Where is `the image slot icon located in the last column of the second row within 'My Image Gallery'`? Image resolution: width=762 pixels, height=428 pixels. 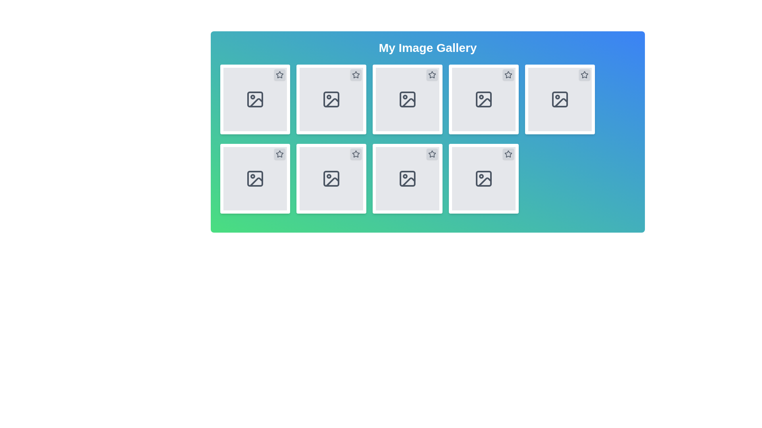
the image slot icon located in the last column of the second row within 'My Image Gallery' is located at coordinates (483, 179).